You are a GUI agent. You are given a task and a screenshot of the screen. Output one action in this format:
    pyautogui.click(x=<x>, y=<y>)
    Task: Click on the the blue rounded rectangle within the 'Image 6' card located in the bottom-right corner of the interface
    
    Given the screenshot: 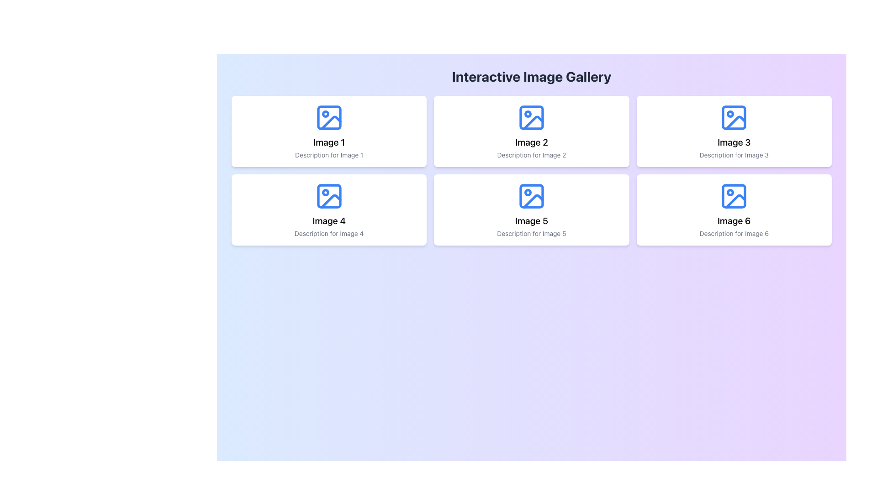 What is the action you would take?
    pyautogui.click(x=734, y=195)
    